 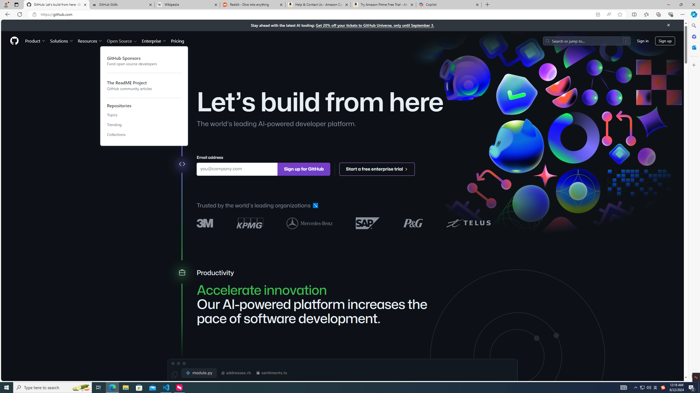 What do you see at coordinates (250, 223) in the screenshot?
I see `'KPMG logo'` at bounding box center [250, 223].